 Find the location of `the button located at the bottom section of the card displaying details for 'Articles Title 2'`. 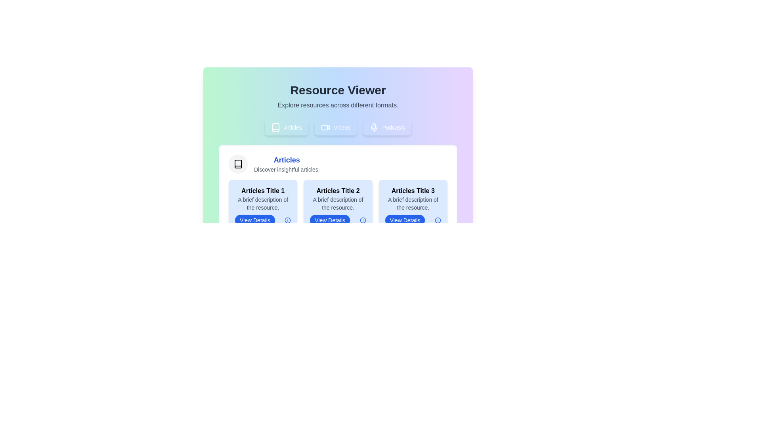

the button located at the bottom section of the card displaying details for 'Articles Title 2' is located at coordinates (338, 220).